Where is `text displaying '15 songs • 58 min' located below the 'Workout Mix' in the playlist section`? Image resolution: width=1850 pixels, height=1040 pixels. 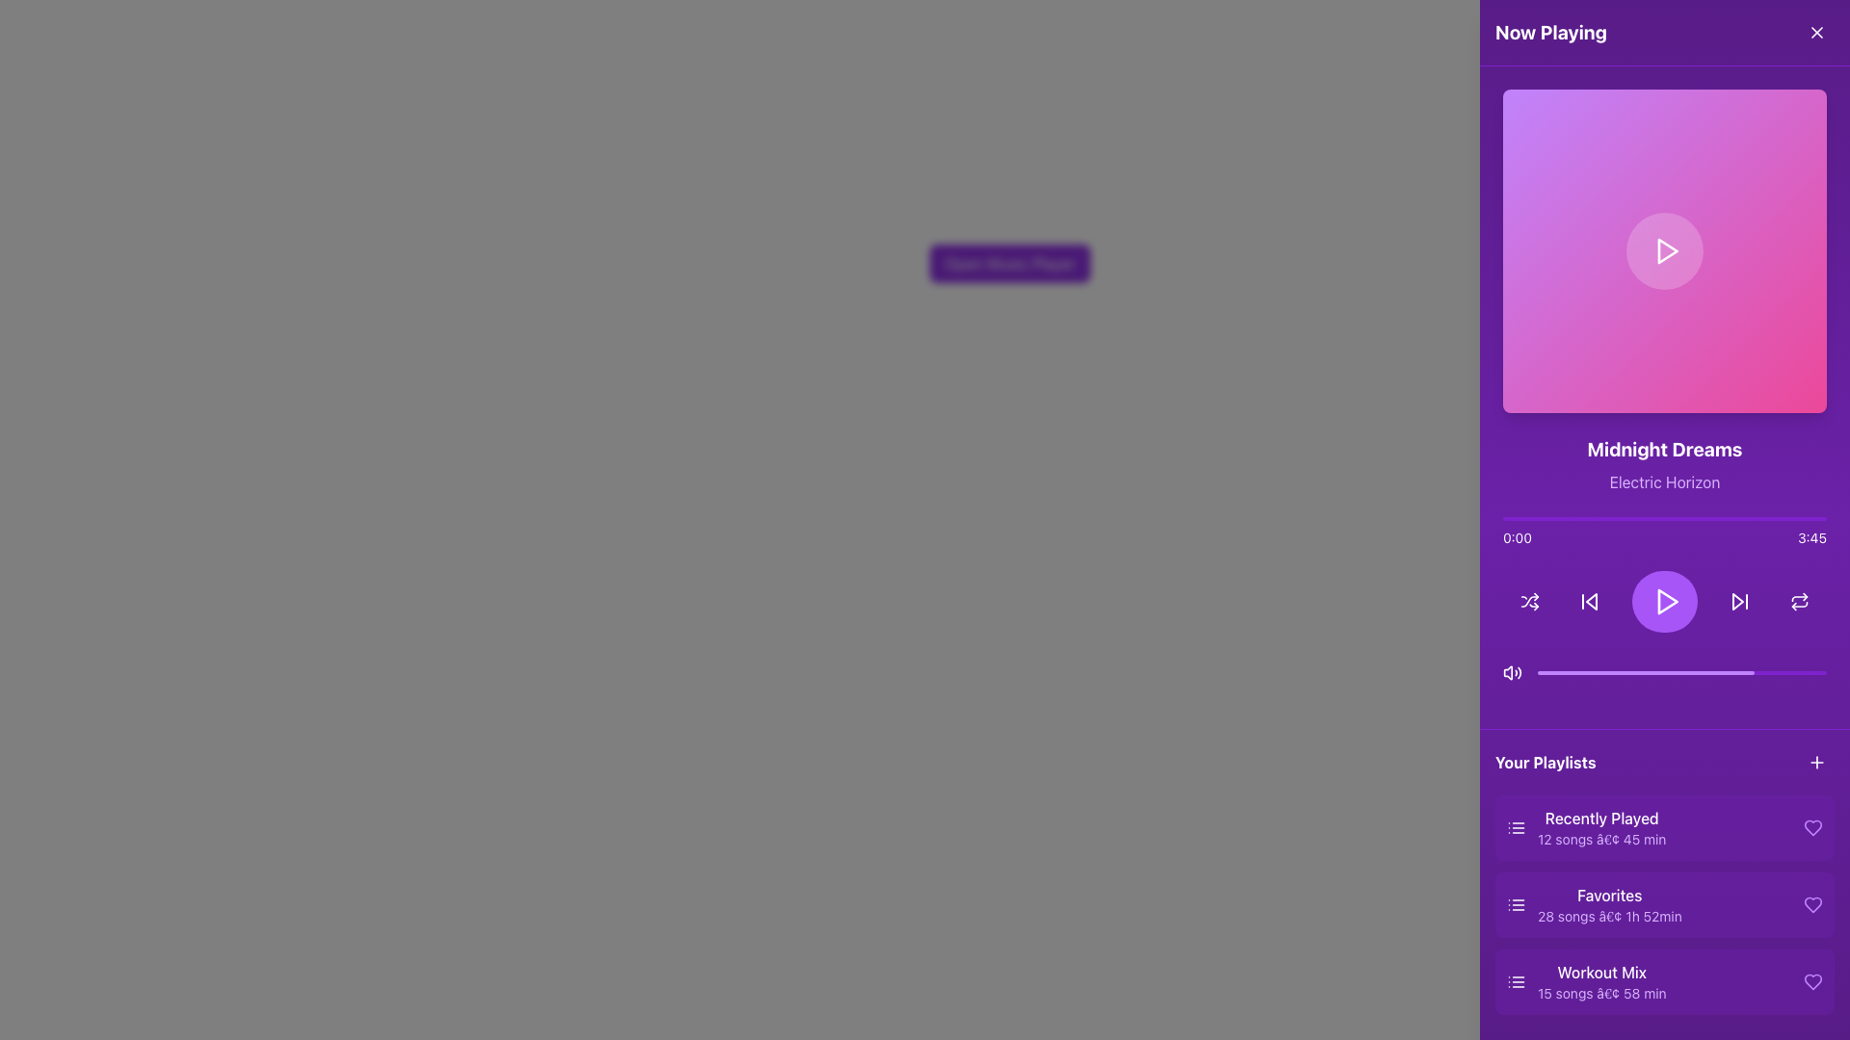 text displaying '15 songs • 58 min' located below the 'Workout Mix' in the playlist section is located at coordinates (1601, 994).